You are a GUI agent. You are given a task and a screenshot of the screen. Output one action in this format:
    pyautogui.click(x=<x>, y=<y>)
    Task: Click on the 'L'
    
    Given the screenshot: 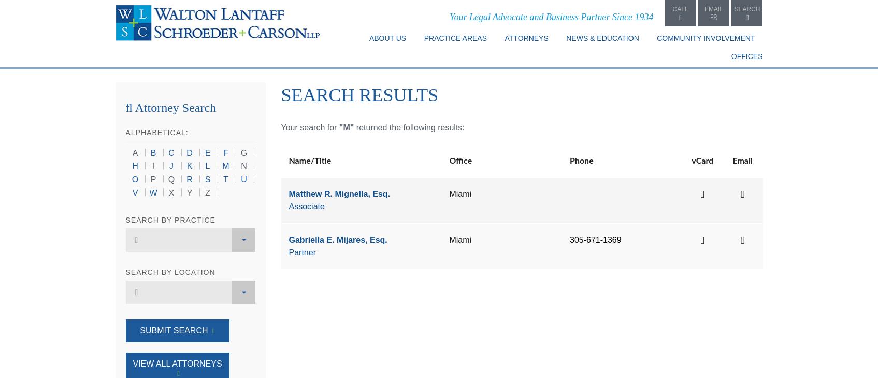 What is the action you would take?
    pyautogui.click(x=207, y=166)
    